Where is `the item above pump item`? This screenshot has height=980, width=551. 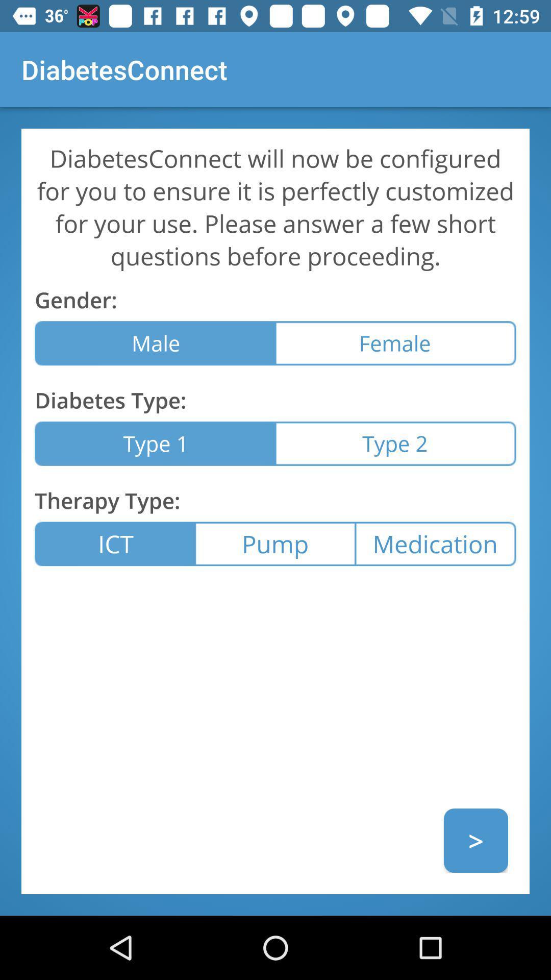
the item above pump item is located at coordinates (395, 444).